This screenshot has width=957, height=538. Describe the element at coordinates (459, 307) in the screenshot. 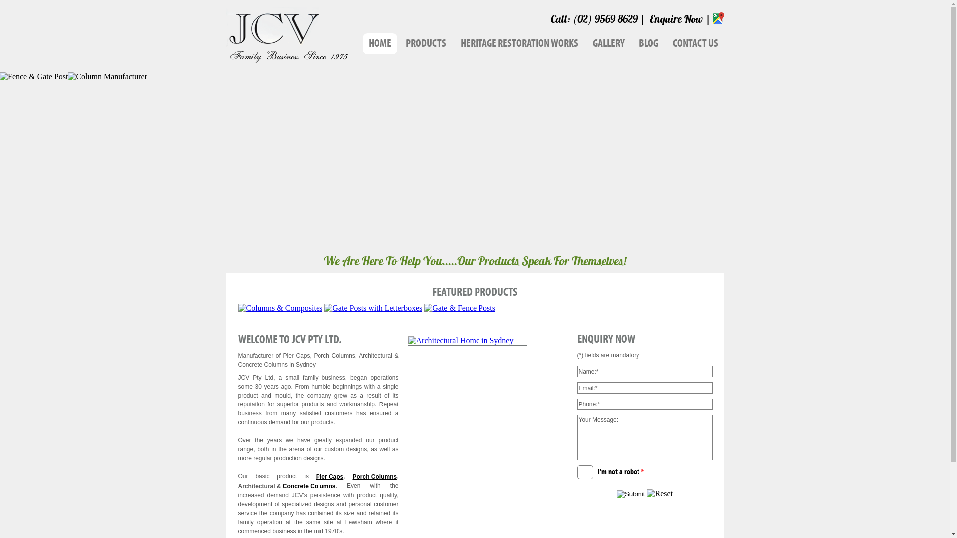

I see `'Gate & Fence Posts'` at that location.